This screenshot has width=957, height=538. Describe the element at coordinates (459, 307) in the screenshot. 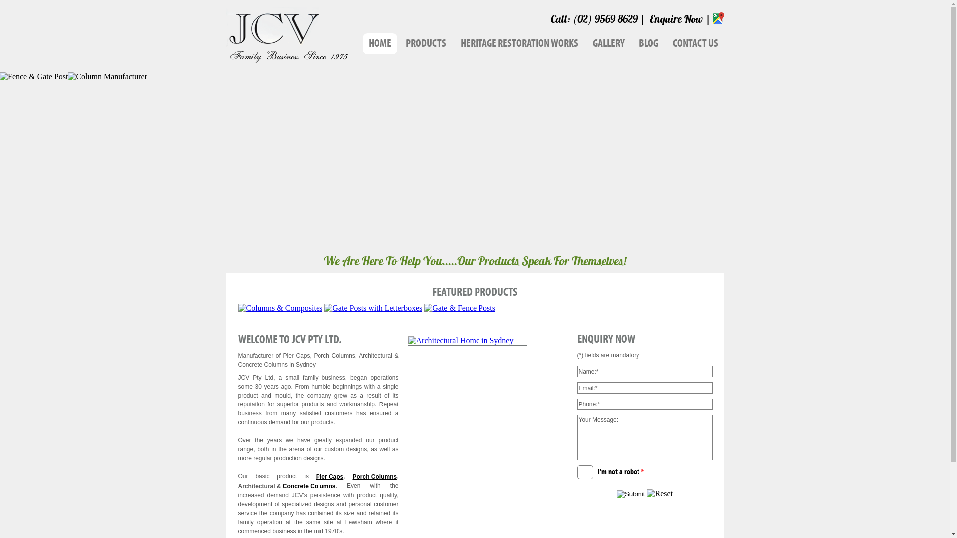

I see `'Gate & Fence Posts'` at that location.